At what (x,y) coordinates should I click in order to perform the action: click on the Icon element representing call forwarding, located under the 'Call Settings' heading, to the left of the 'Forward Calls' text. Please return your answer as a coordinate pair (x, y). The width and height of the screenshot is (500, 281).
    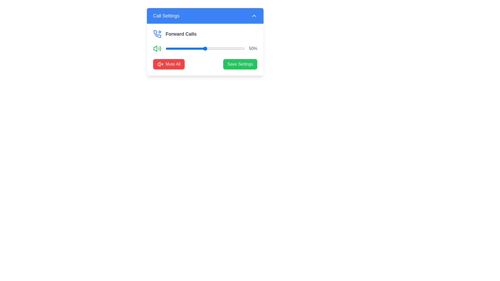
    Looking at the image, I should click on (160, 32).